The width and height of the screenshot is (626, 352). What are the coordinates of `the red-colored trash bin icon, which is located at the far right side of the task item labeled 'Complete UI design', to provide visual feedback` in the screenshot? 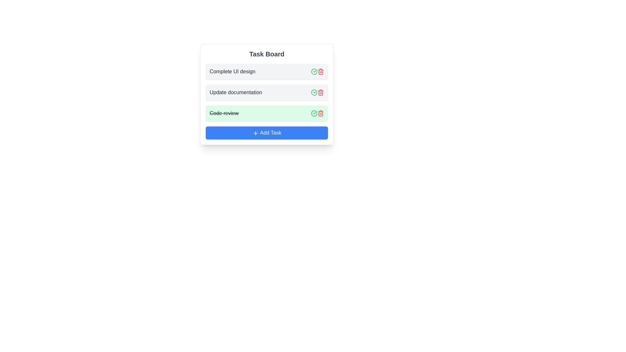 It's located at (320, 71).